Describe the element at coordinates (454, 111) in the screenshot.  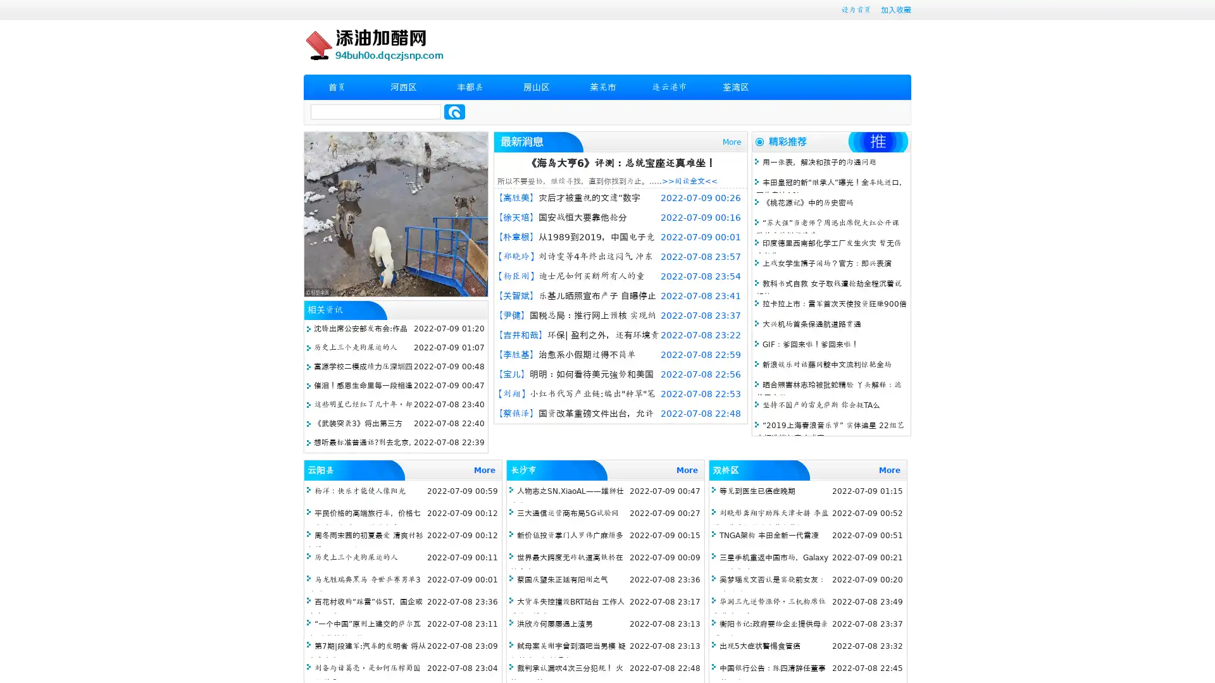
I see `Search` at that location.